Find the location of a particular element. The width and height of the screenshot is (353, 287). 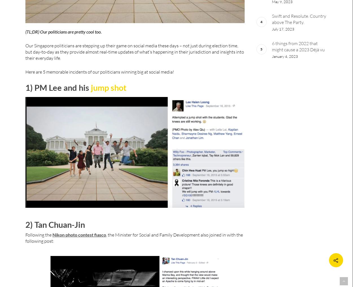

'Here are 5 memorable incidents of our politicians winning big at social media!' is located at coordinates (99, 72).